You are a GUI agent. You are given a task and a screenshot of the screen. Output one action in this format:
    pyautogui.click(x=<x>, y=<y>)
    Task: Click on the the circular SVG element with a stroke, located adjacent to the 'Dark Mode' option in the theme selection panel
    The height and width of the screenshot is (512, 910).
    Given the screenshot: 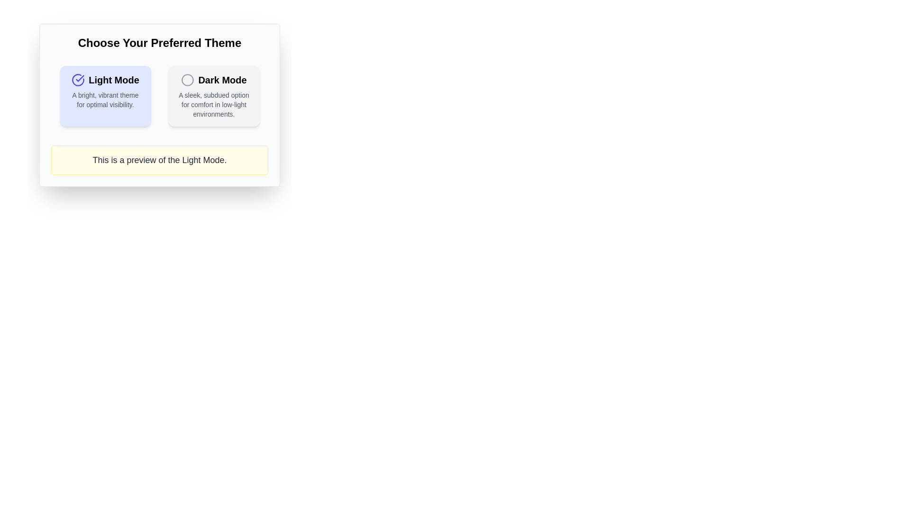 What is the action you would take?
    pyautogui.click(x=188, y=80)
    